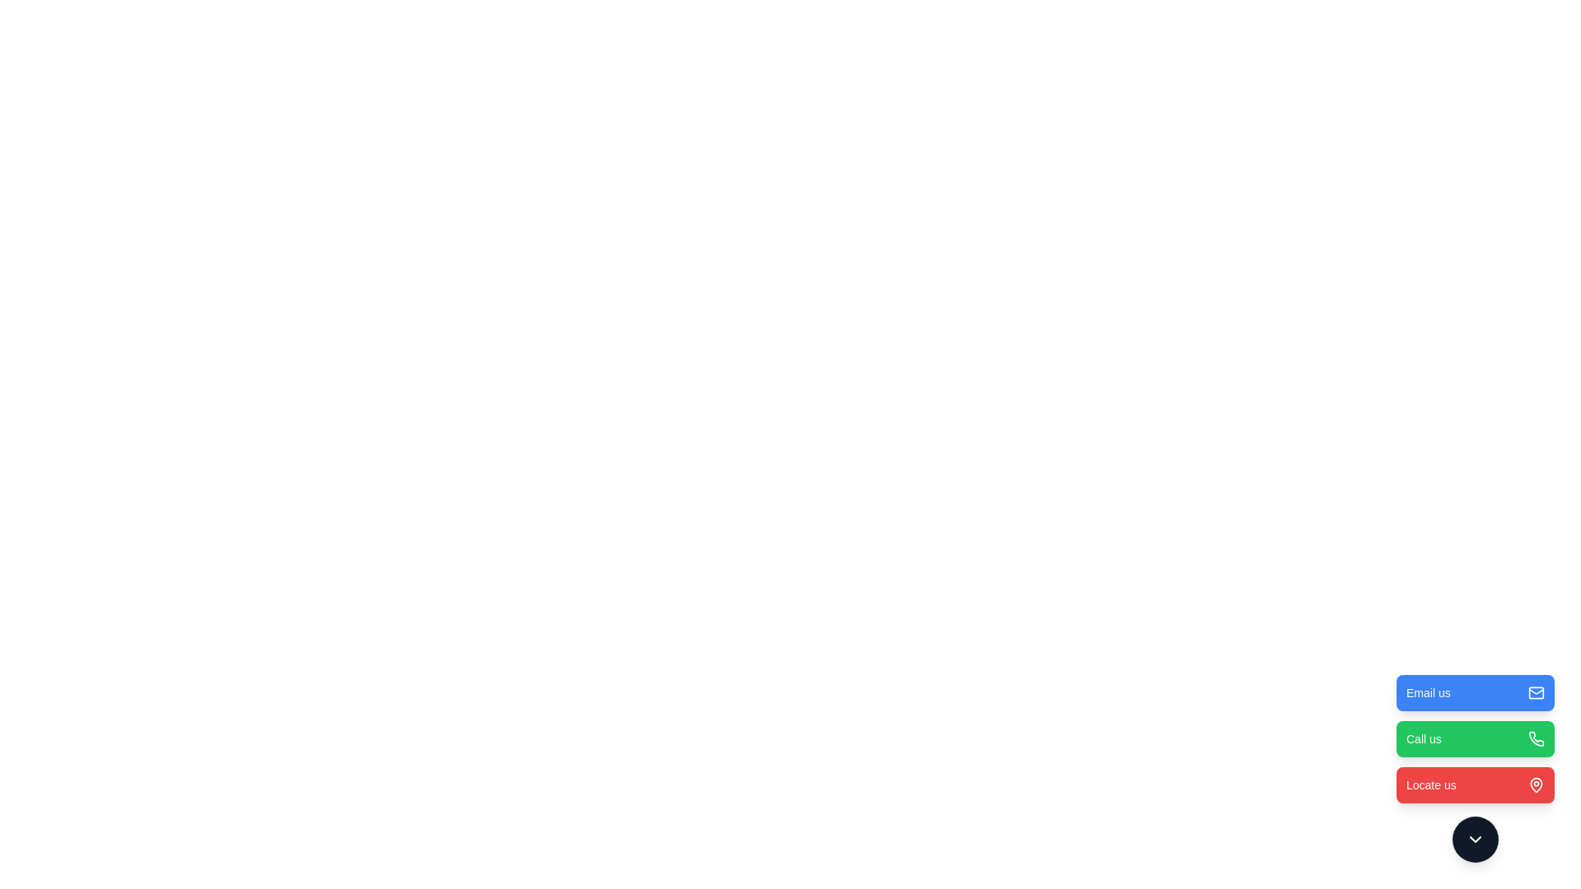  I want to click on the 'Locate us' button to trigger its action, so click(1475, 784).